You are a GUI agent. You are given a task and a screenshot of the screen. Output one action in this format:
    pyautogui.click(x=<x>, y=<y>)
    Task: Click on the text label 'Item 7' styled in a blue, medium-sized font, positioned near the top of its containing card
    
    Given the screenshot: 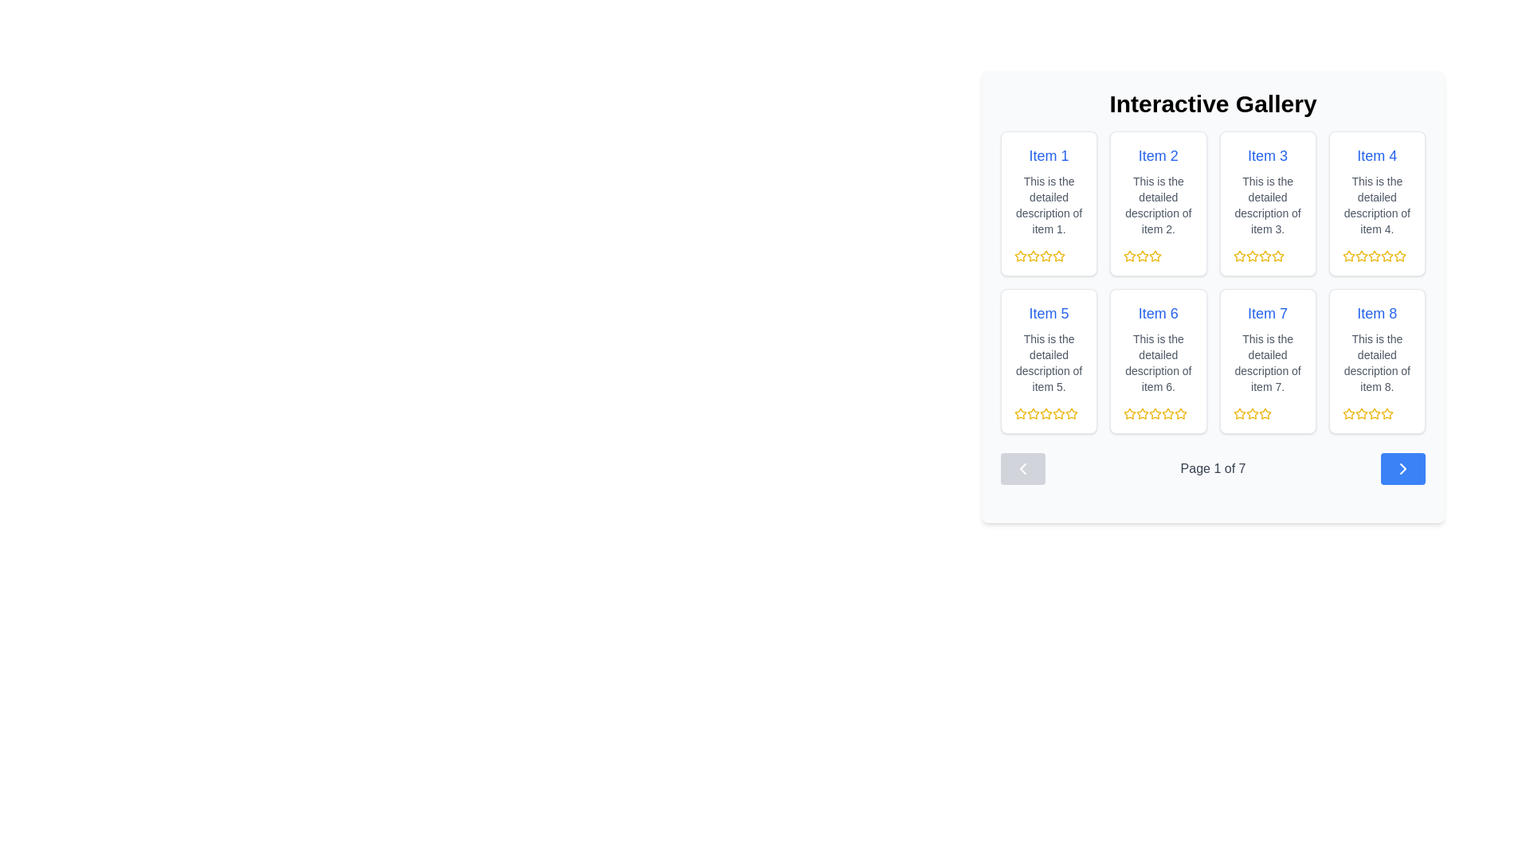 What is the action you would take?
    pyautogui.click(x=1267, y=313)
    